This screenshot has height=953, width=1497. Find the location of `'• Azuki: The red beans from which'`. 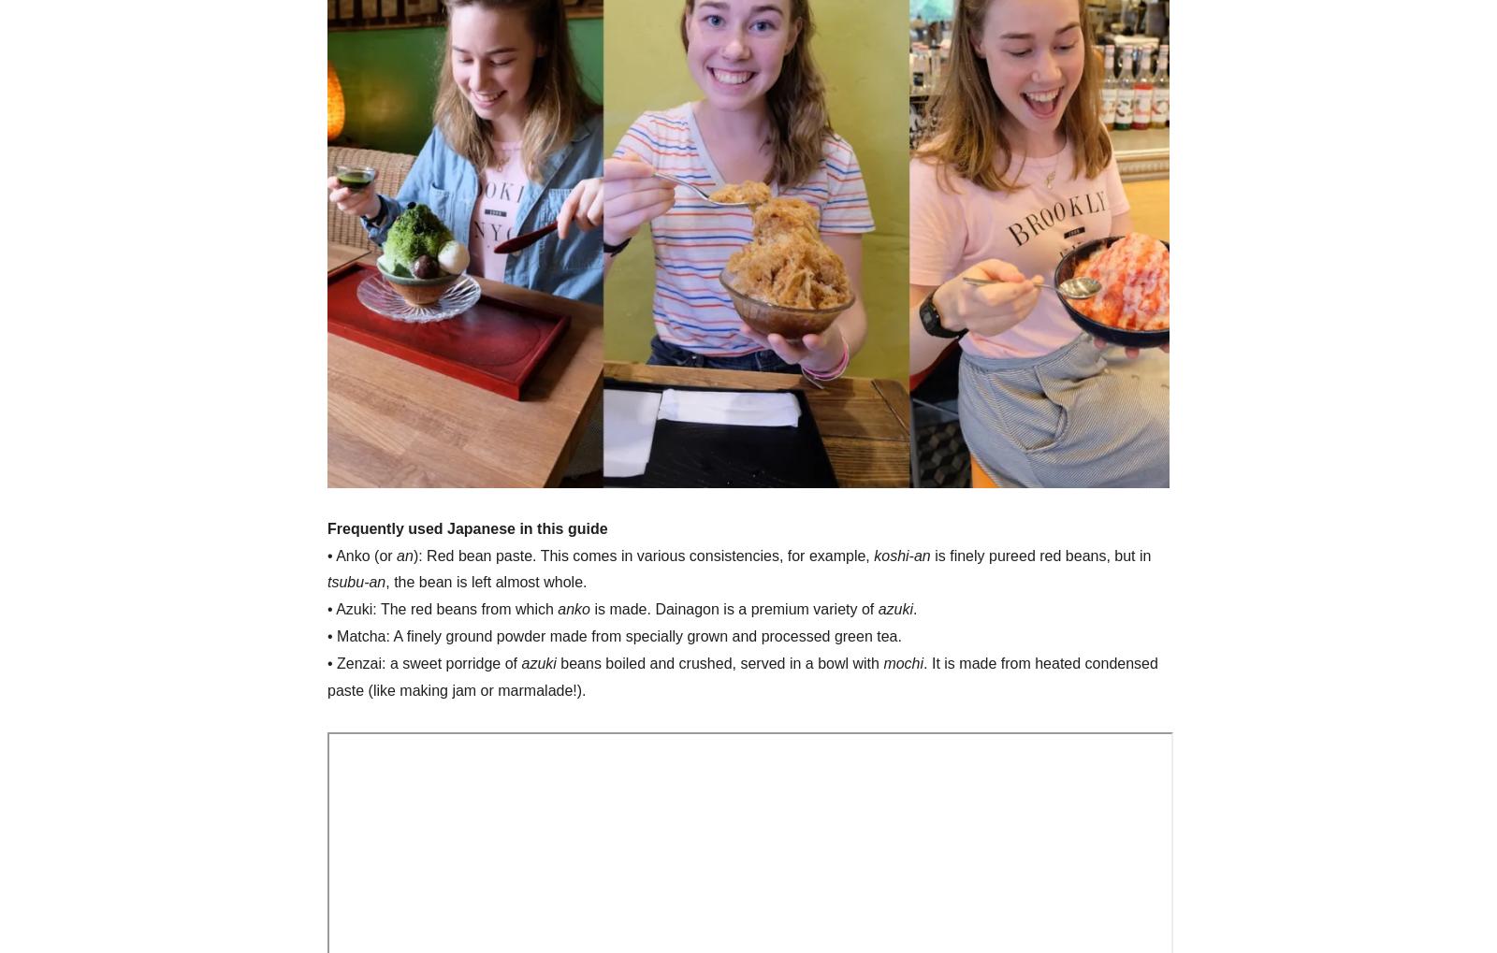

'• Azuki: The red beans from which' is located at coordinates (441, 608).